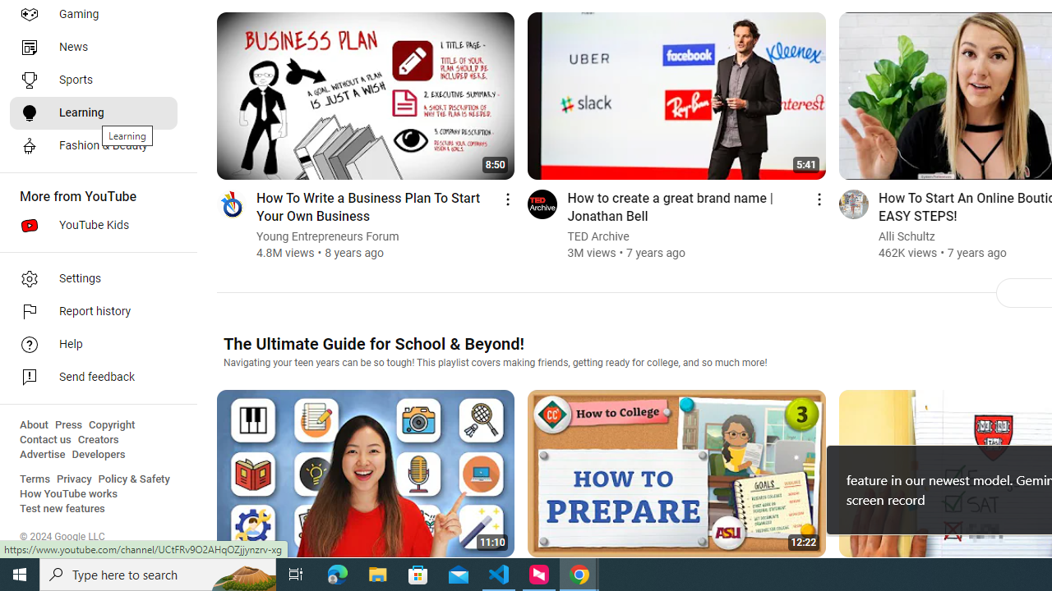 The width and height of the screenshot is (1052, 591). What do you see at coordinates (62, 508) in the screenshot?
I see `'Test new features'` at bounding box center [62, 508].